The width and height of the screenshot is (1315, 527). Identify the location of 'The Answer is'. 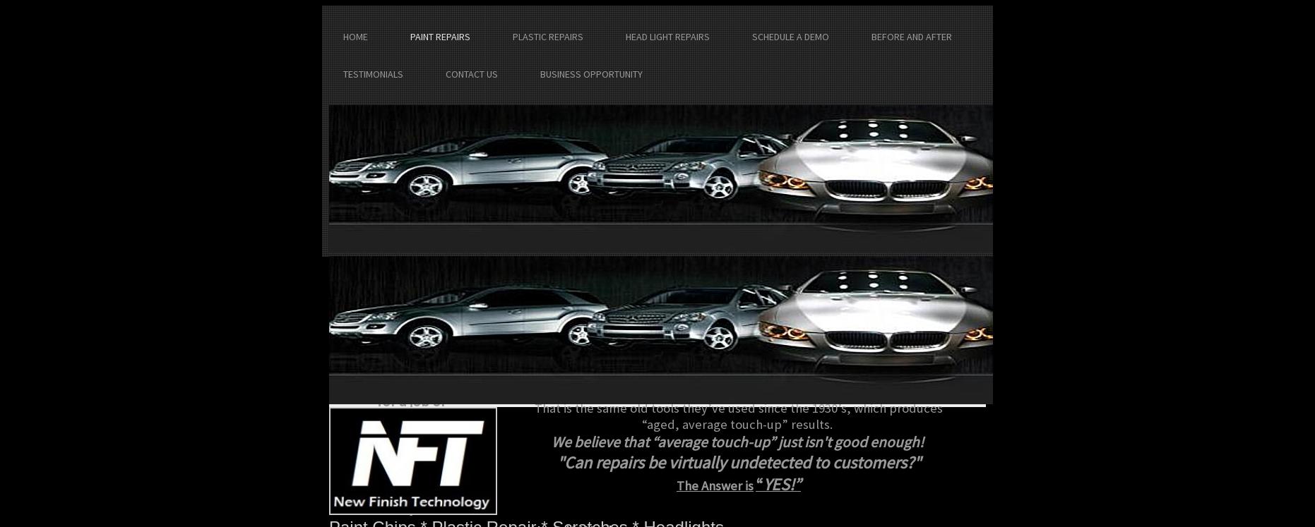
(715, 485).